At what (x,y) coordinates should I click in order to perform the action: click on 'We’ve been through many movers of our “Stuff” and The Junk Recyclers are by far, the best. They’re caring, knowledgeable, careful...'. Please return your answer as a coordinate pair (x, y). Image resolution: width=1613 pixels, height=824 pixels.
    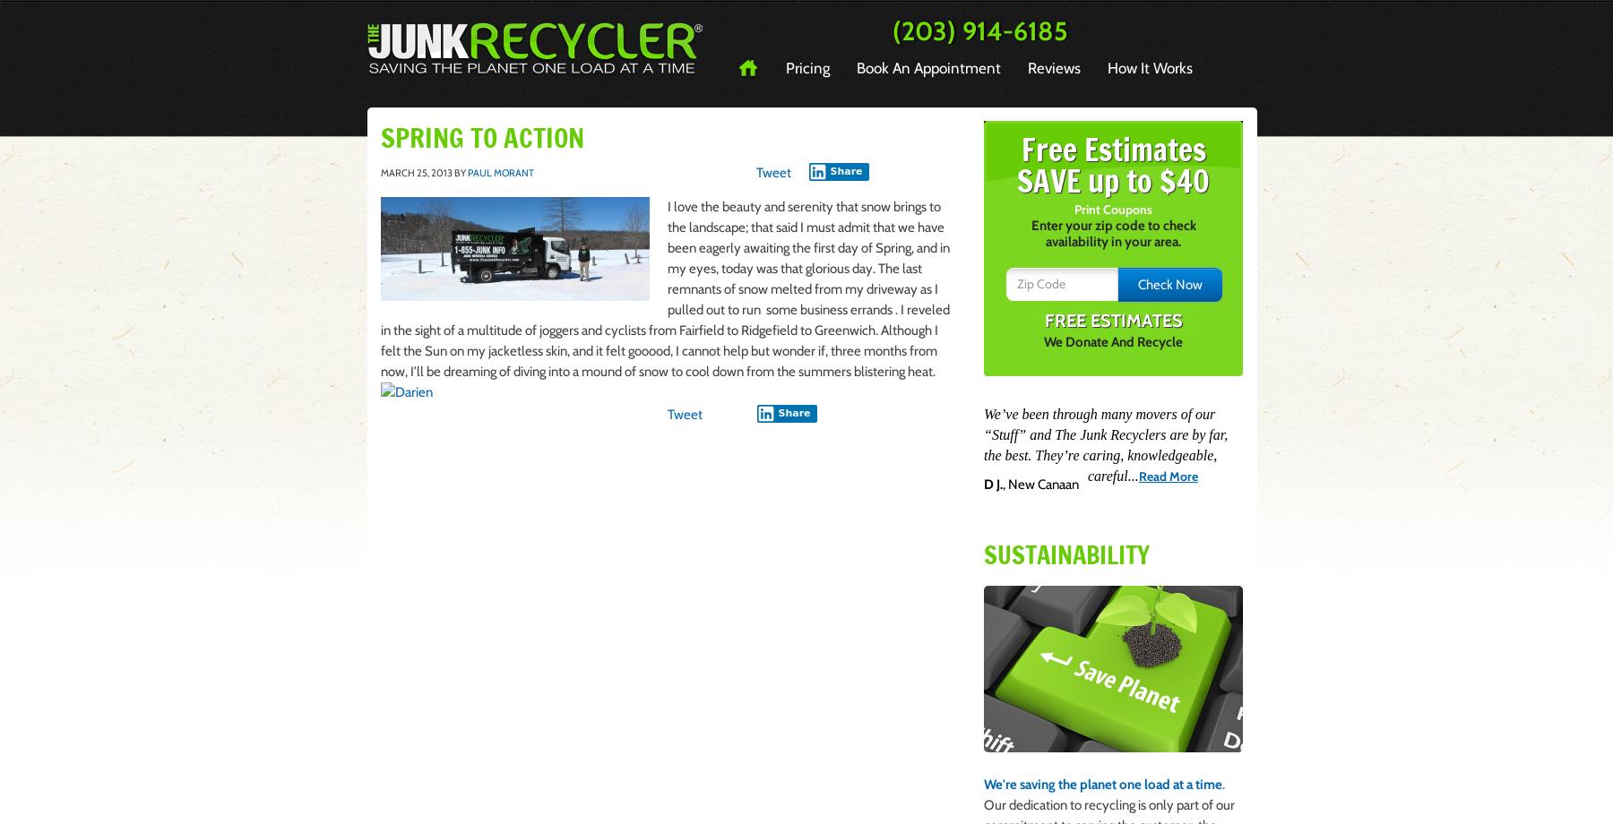
    Looking at the image, I should click on (984, 444).